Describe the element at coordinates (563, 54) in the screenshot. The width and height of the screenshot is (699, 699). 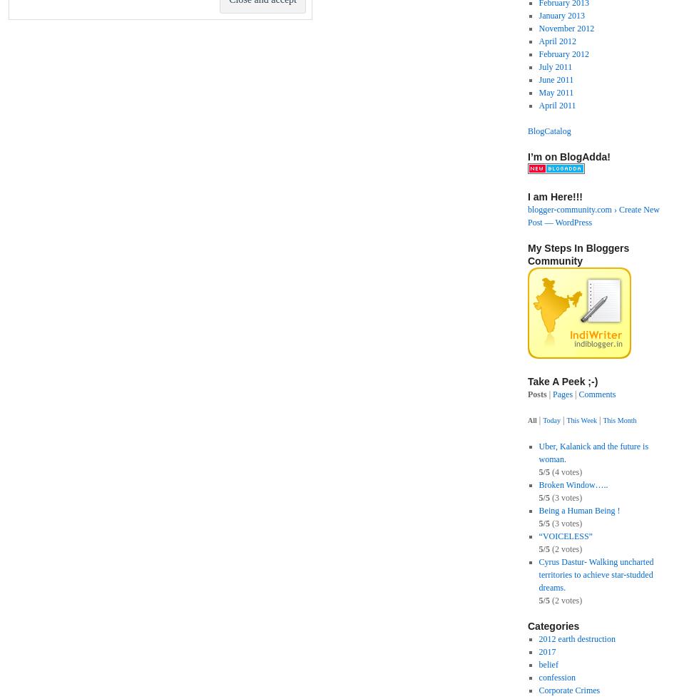
I see `'February 2012'` at that location.